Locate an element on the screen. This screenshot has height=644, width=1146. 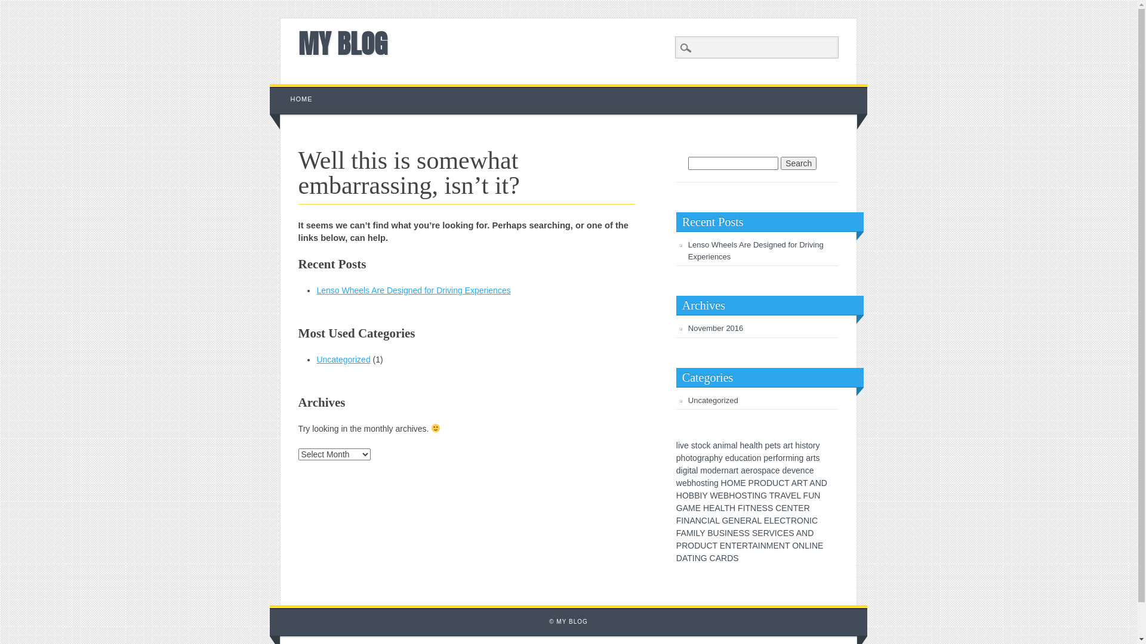
'B' is located at coordinates (691, 495).